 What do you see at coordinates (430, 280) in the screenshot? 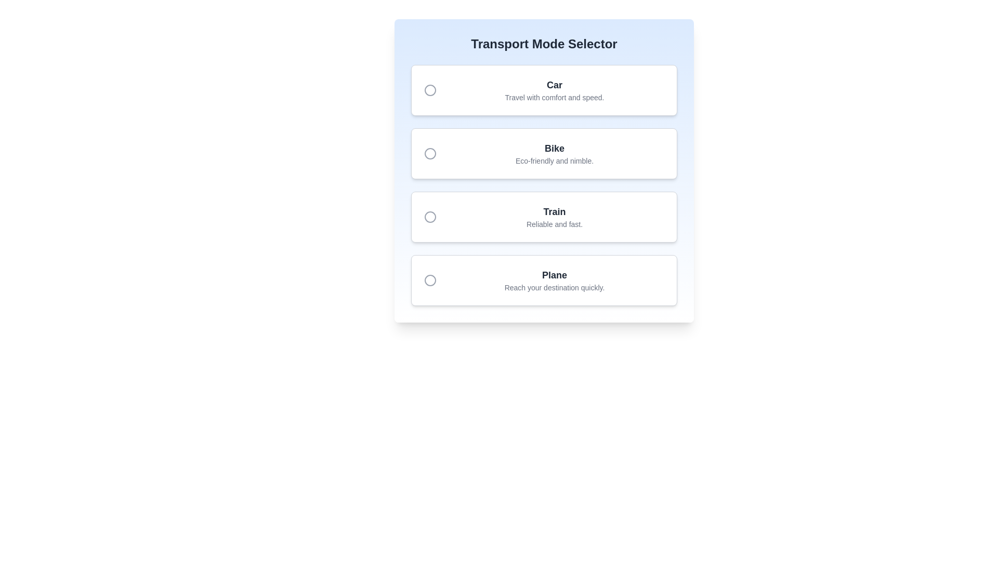
I see `the circular SVG icon representing the 'Plane' option in the 'Transport Mode Selector' interface` at bounding box center [430, 280].